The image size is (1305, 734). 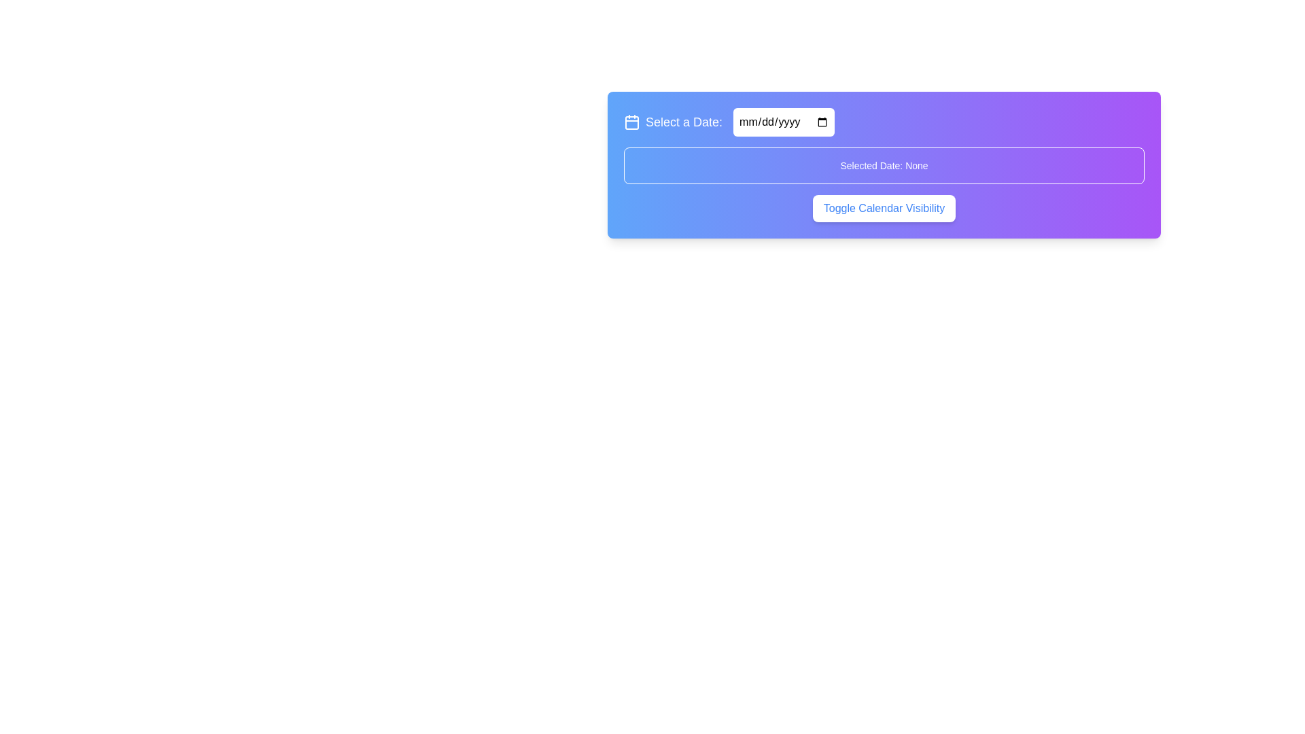 I want to click on the non-interactive informative display box that indicates the currently selected date, located below the 'Select a Date' section and above the 'Toggle Calendar Visibility' button, so click(x=884, y=164).